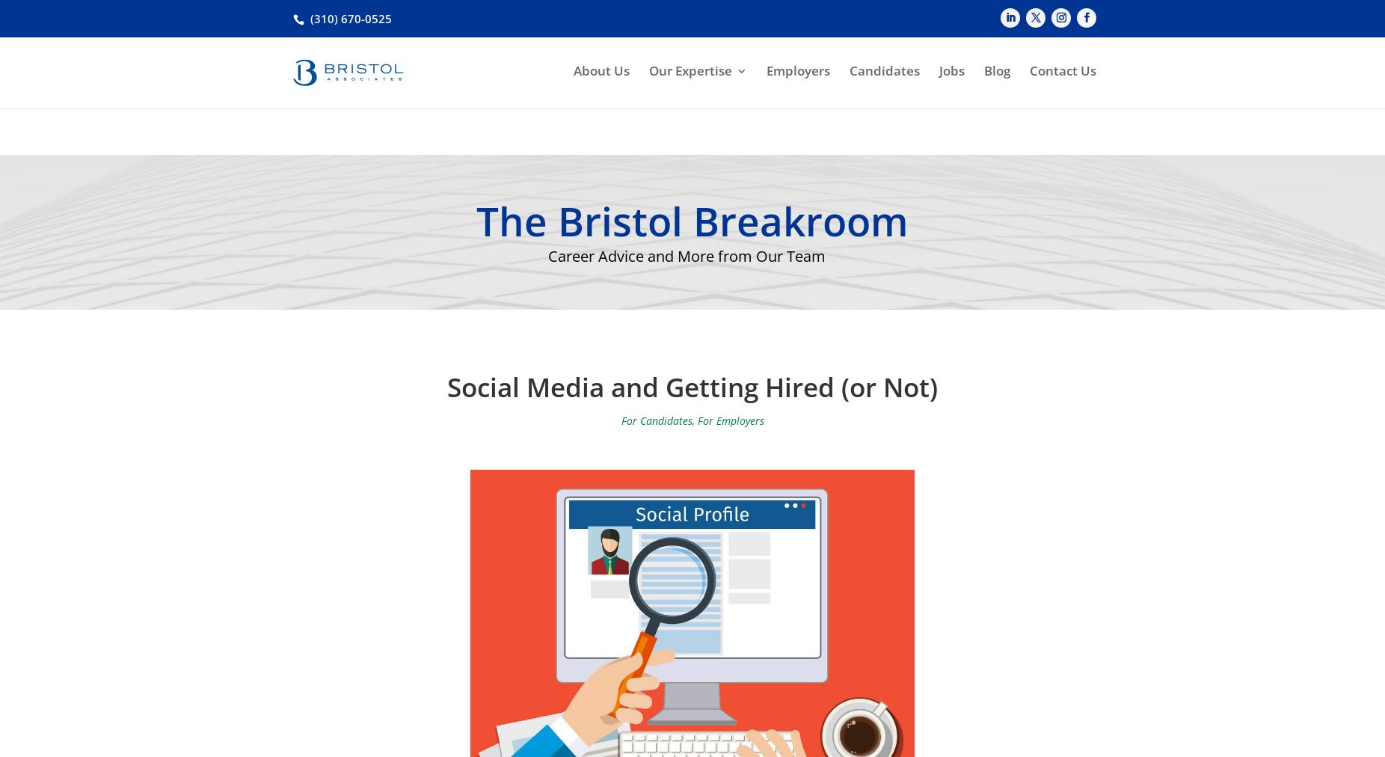  Describe the element at coordinates (664, 293) in the screenshot. I see `'Travel, Tourism, and Attraction'` at that location.